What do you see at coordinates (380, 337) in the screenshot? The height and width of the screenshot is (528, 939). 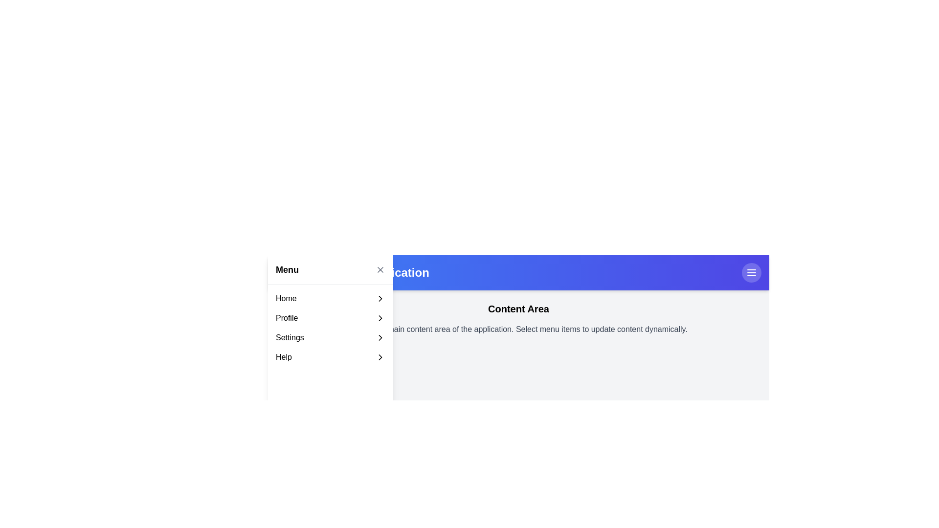 I see `the interactive icon located in the menu section, adjacent to the 'Settings' menu item` at bounding box center [380, 337].